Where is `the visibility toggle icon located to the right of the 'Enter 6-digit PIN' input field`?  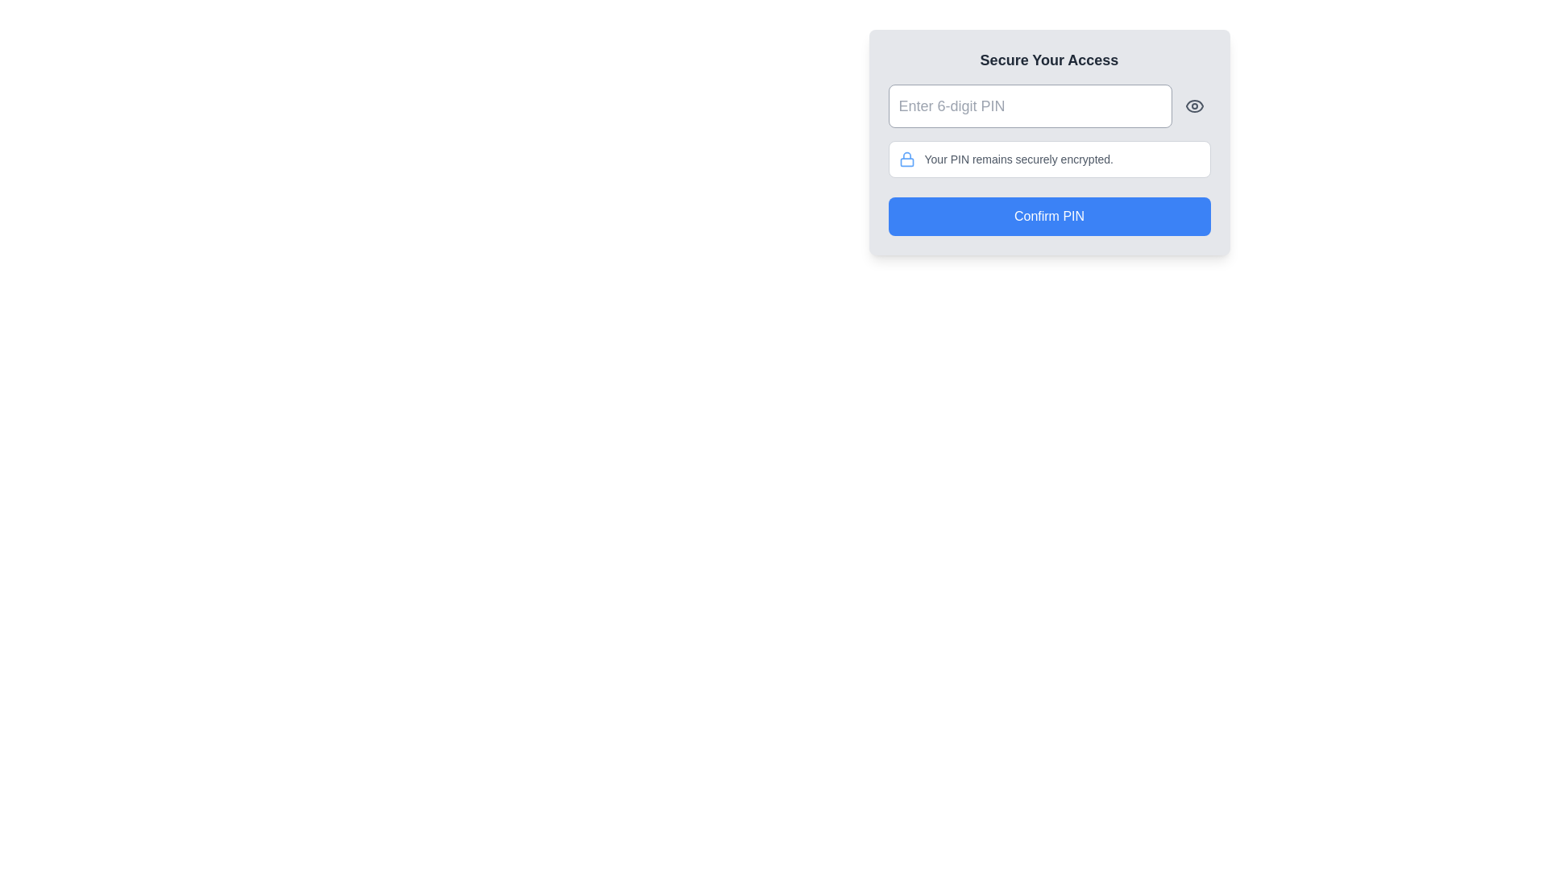
the visibility toggle icon located to the right of the 'Enter 6-digit PIN' input field is located at coordinates (1194, 106).